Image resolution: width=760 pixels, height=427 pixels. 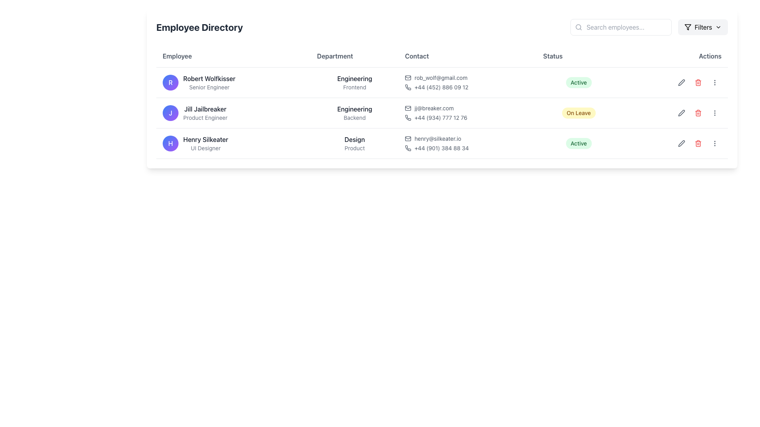 What do you see at coordinates (408, 138) in the screenshot?
I see `the envelope icon representing email in the 'Contact' column of the employee directory for 'Henry Silkeater.'` at bounding box center [408, 138].